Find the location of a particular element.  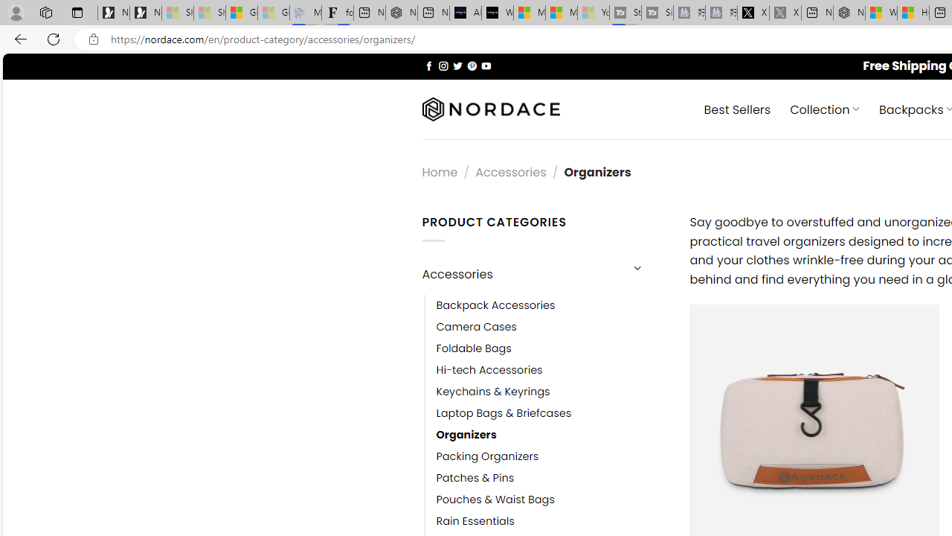

'Wildlife - MSN' is located at coordinates (881, 13).